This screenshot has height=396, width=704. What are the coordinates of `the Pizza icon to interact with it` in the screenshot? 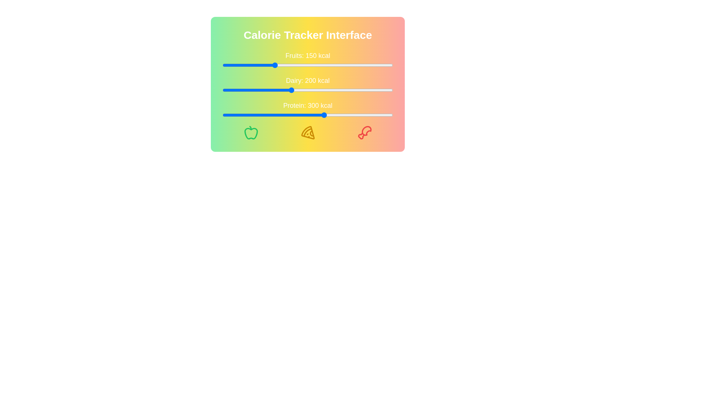 It's located at (308, 133).